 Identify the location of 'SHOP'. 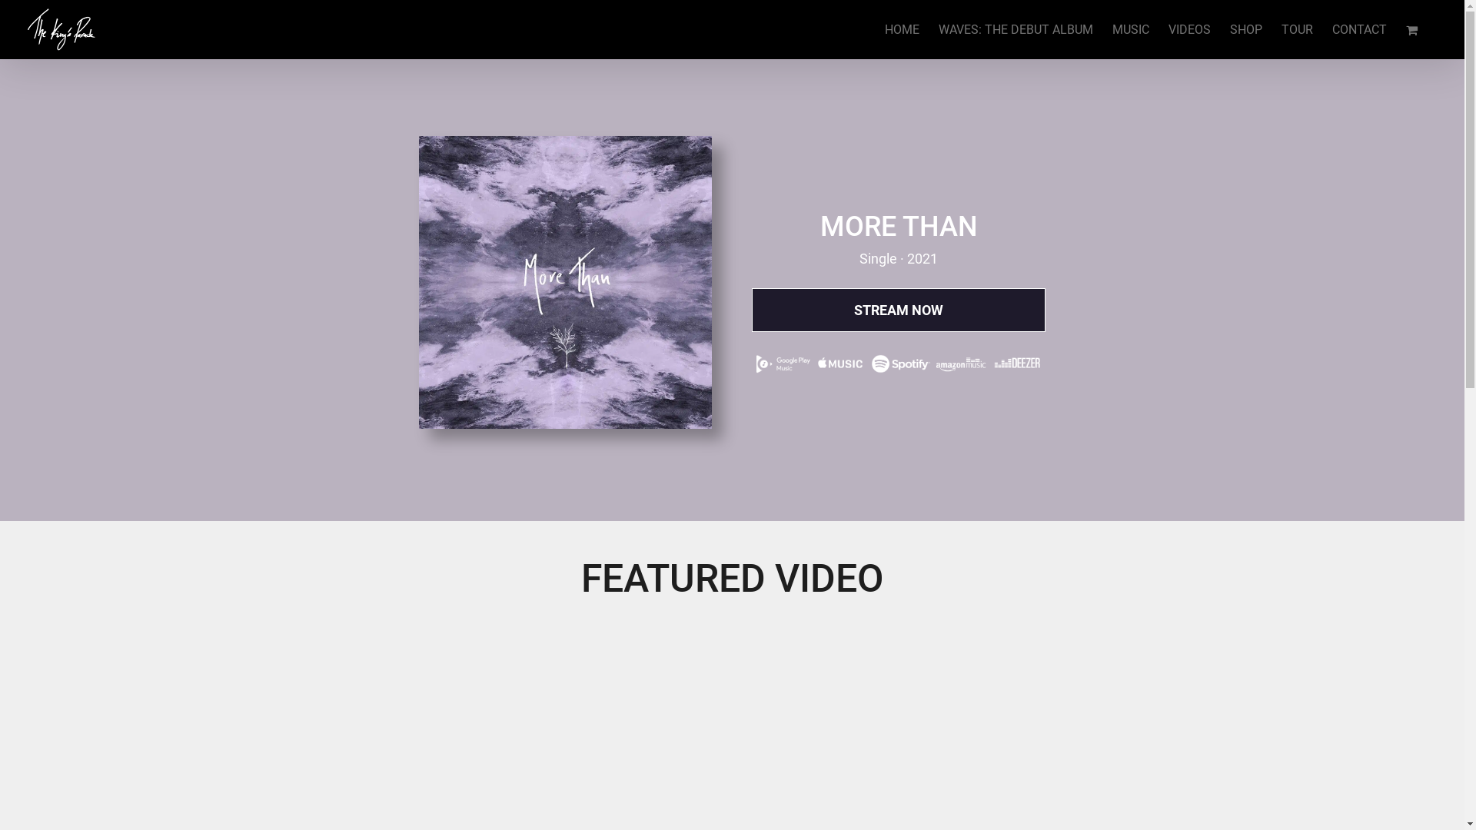
(1246, 29).